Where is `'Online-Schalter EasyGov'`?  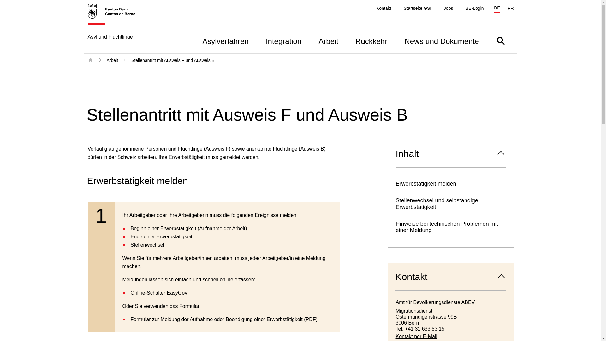
'Online-Schalter EasyGov' is located at coordinates (159, 293).